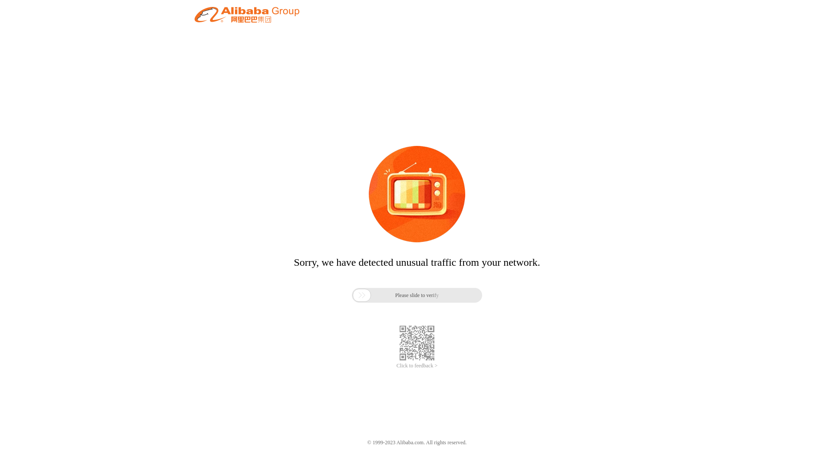 This screenshot has height=469, width=834. Describe the element at coordinates (417, 366) in the screenshot. I see `'Click to feedback >'` at that location.